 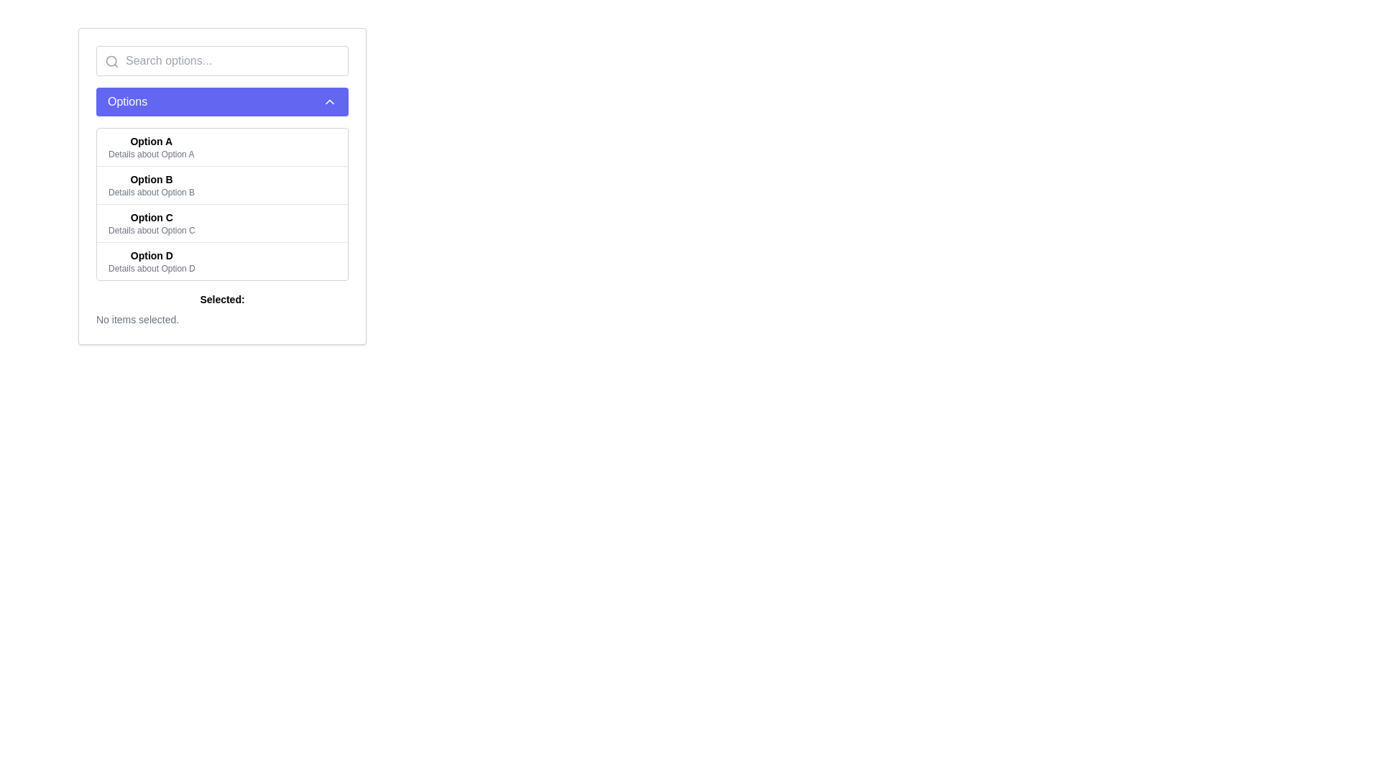 What do you see at coordinates (152, 254) in the screenshot?
I see `the static text label displaying 'Option D', which is styled in bold and slightly smaller-than-normal font size, positioned at the top of the section for 'Option D'` at bounding box center [152, 254].